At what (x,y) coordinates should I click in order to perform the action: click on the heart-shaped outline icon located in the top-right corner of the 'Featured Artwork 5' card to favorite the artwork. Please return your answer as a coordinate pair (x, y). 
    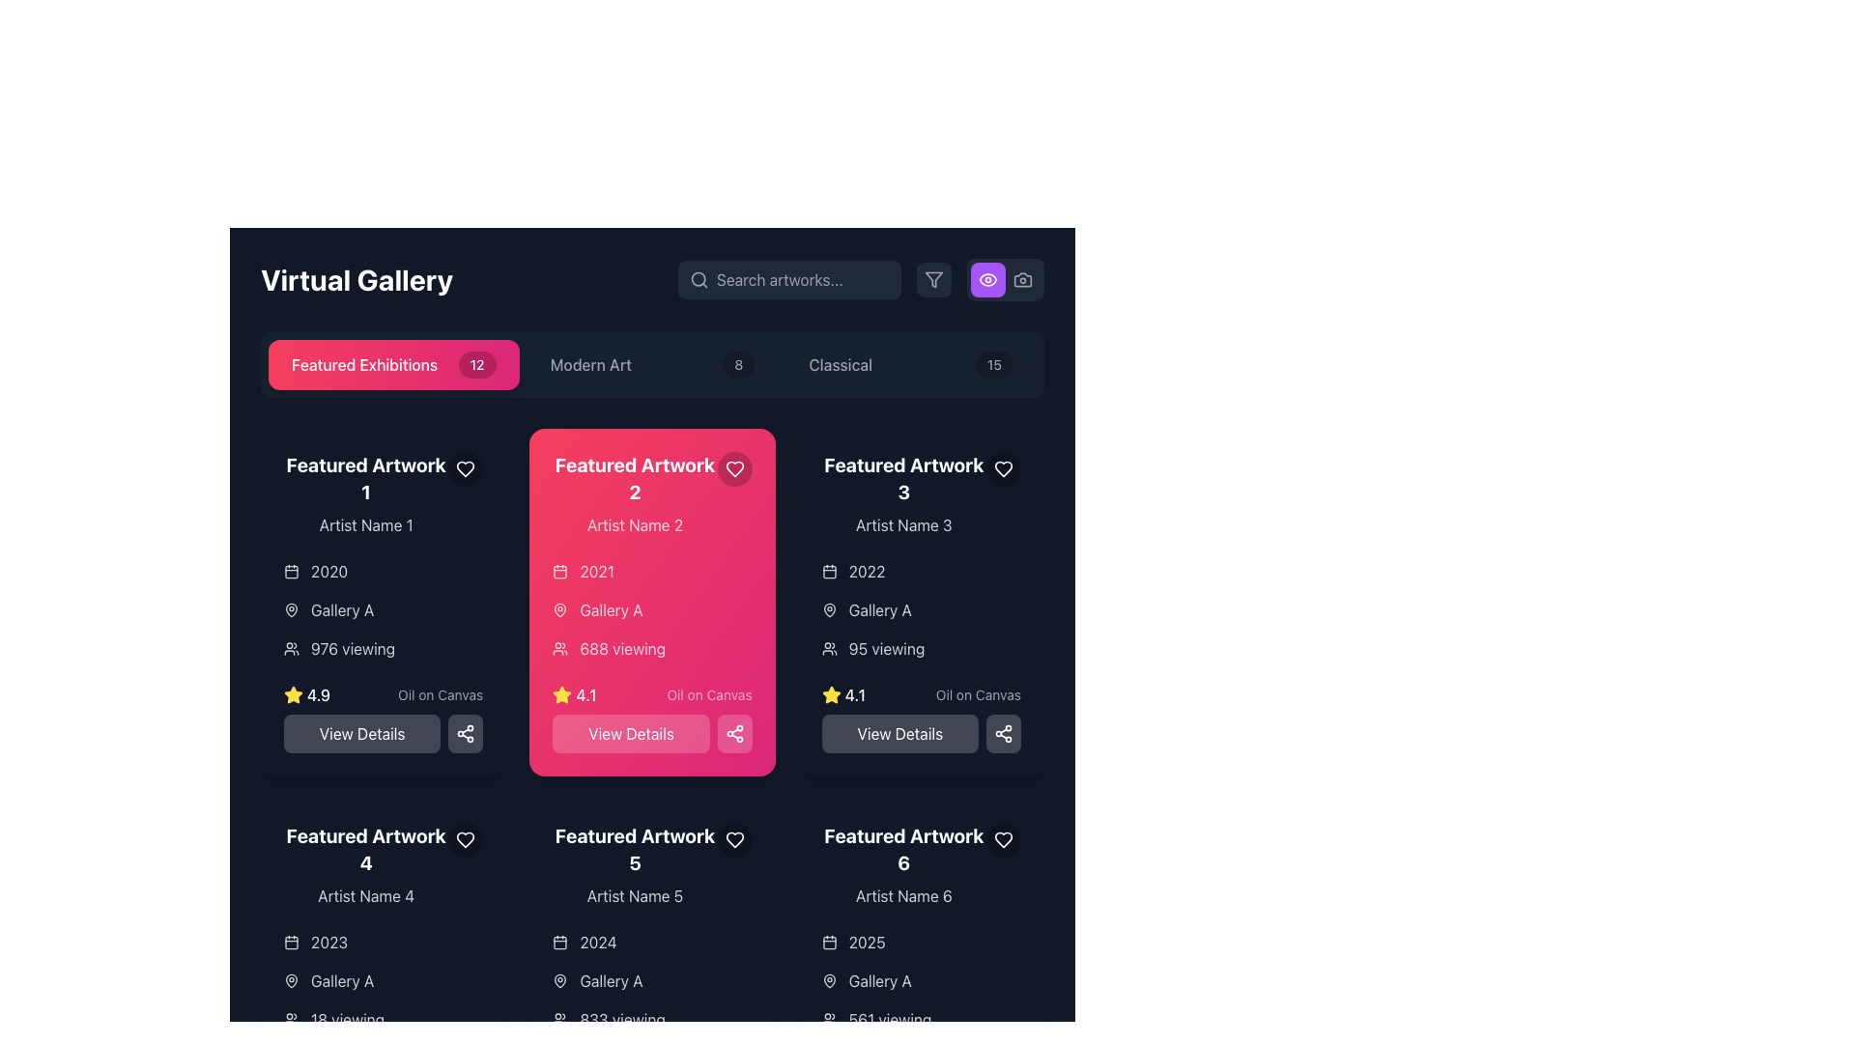
    Looking at the image, I should click on (733, 839).